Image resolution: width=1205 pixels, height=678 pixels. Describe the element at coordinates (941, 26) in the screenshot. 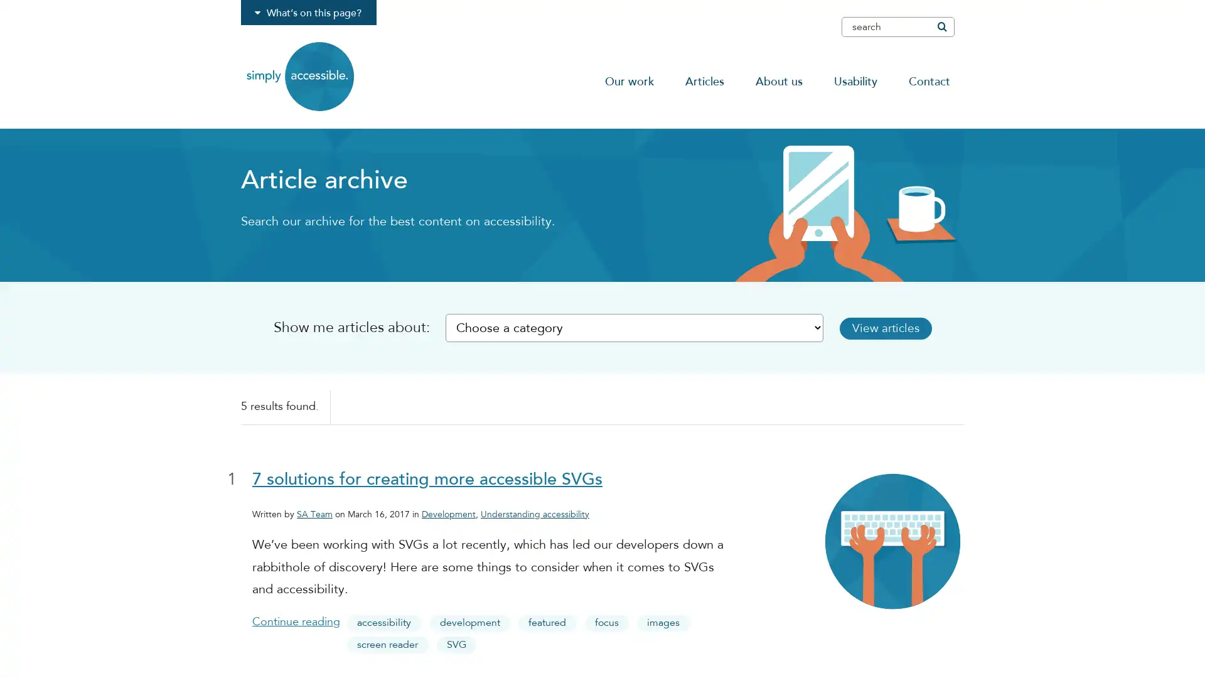

I see `Submit Search` at that location.